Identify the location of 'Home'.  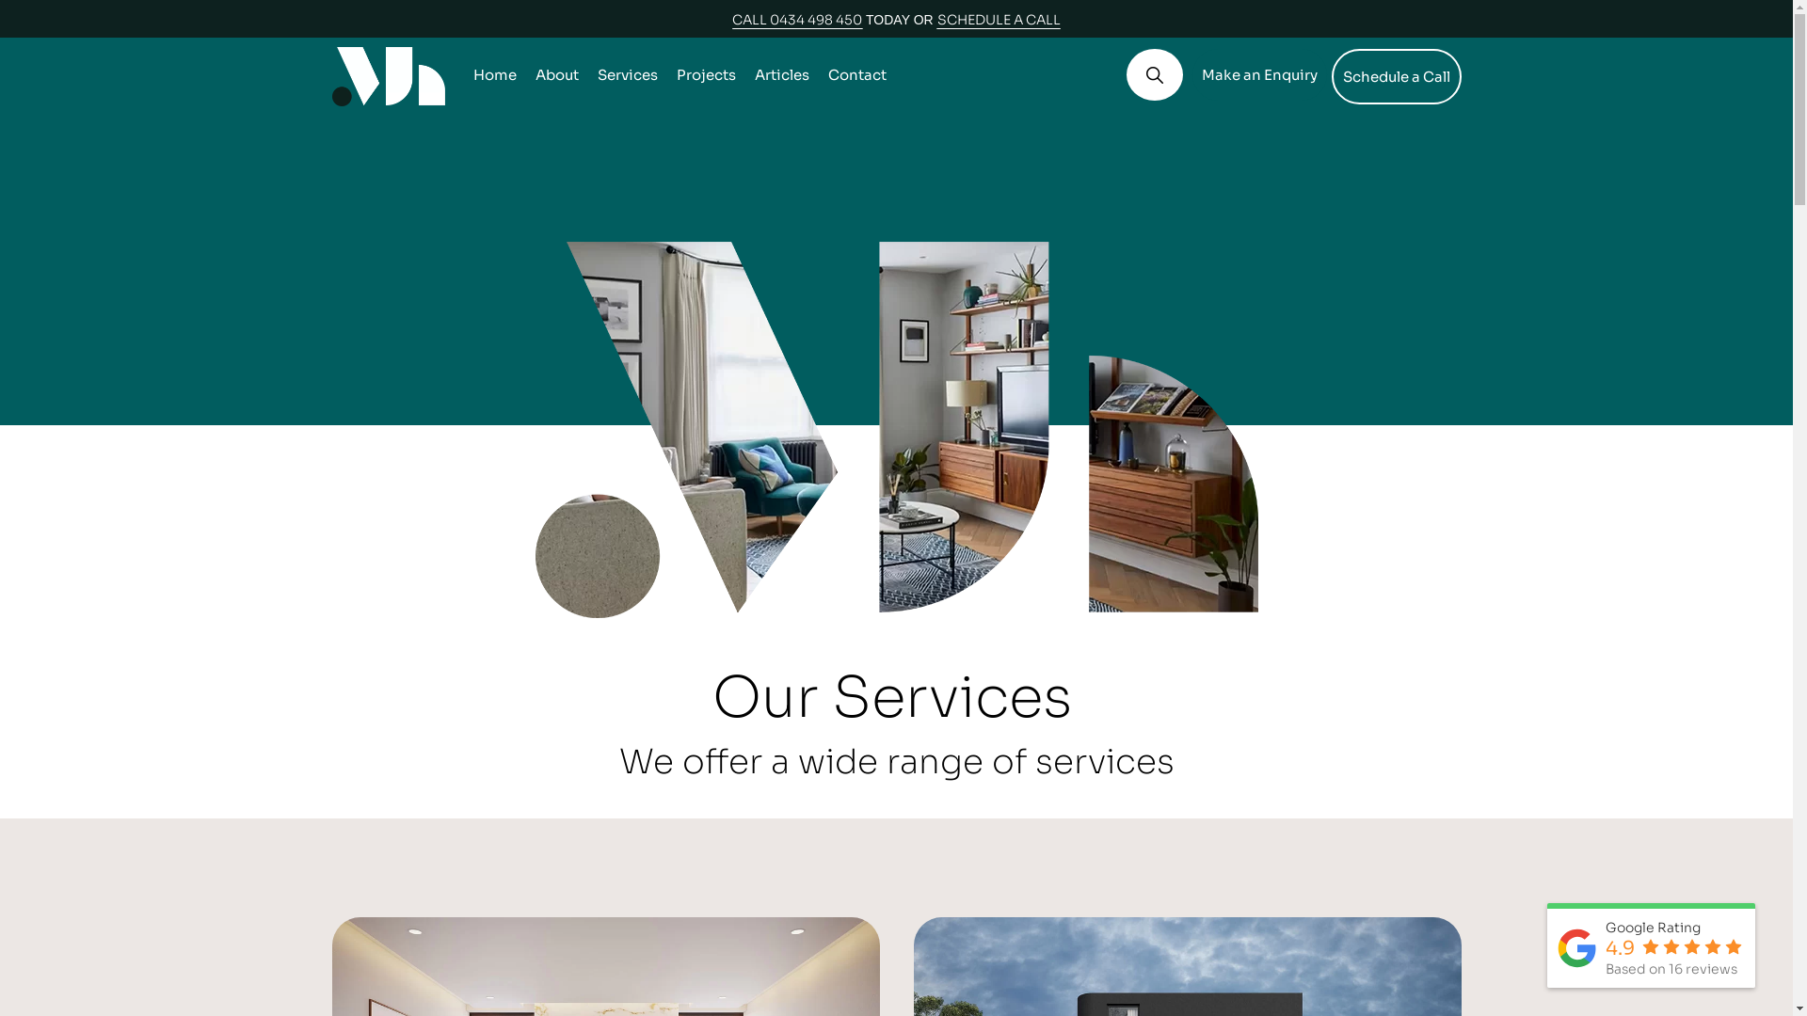
(493, 73).